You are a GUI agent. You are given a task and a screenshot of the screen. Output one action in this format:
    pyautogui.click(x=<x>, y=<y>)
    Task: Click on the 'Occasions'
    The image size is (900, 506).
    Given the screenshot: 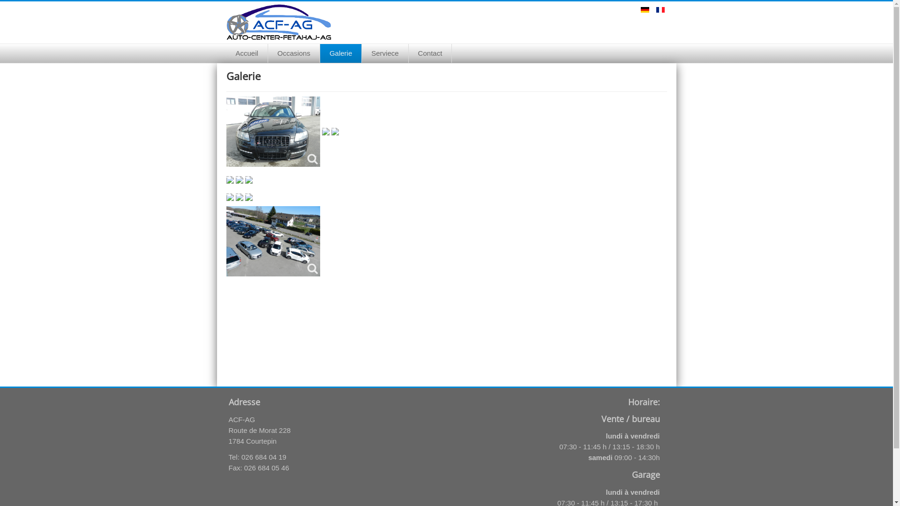 What is the action you would take?
    pyautogui.click(x=293, y=53)
    